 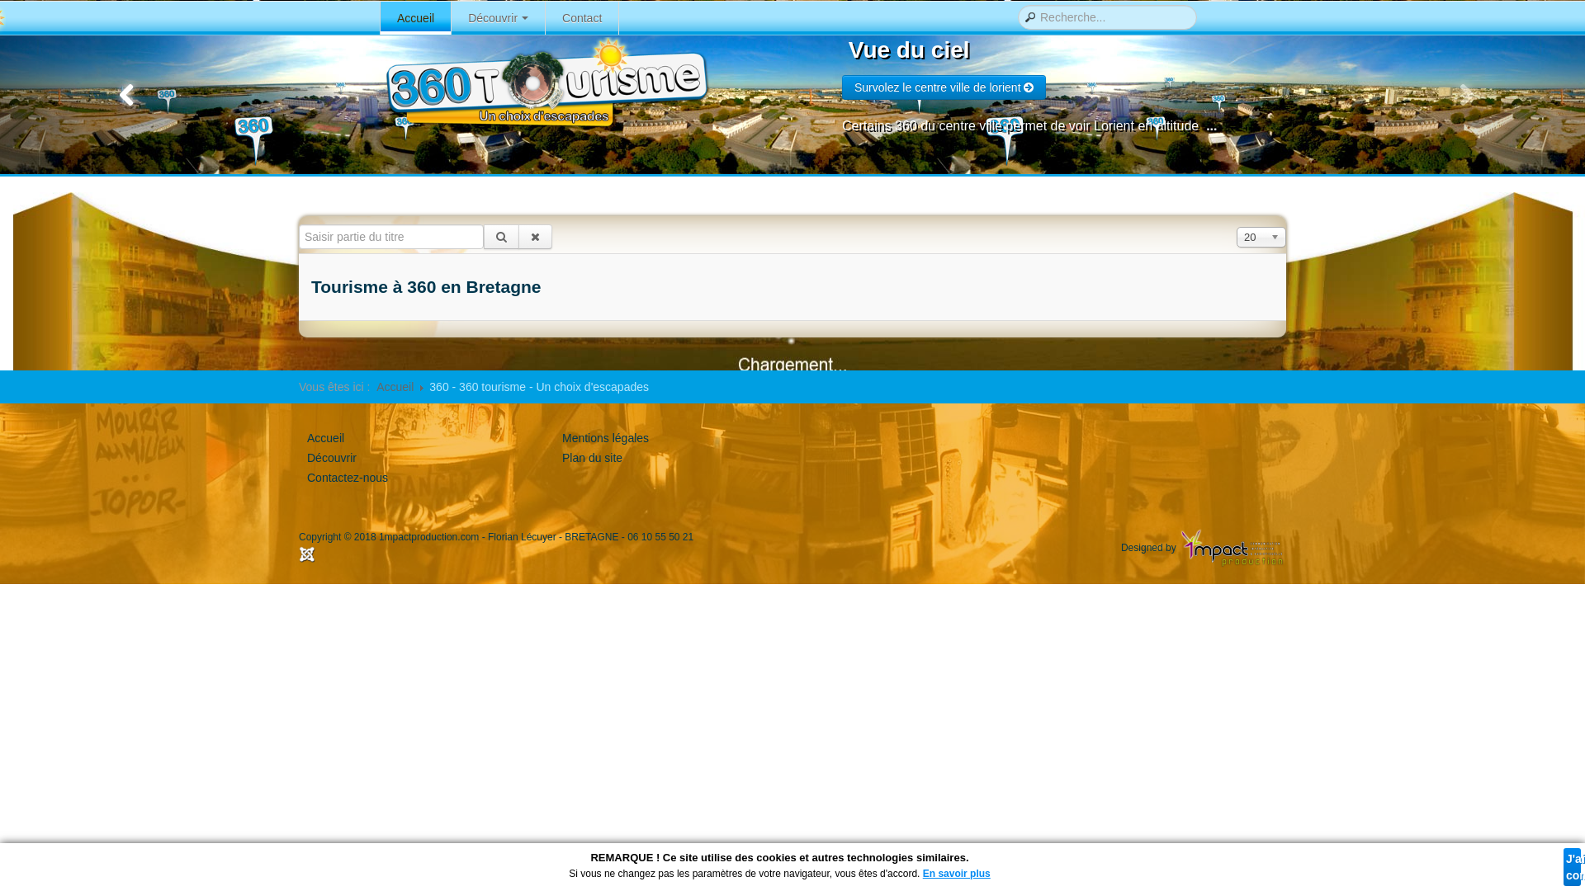 What do you see at coordinates (1260, 236) in the screenshot?
I see `'20'` at bounding box center [1260, 236].